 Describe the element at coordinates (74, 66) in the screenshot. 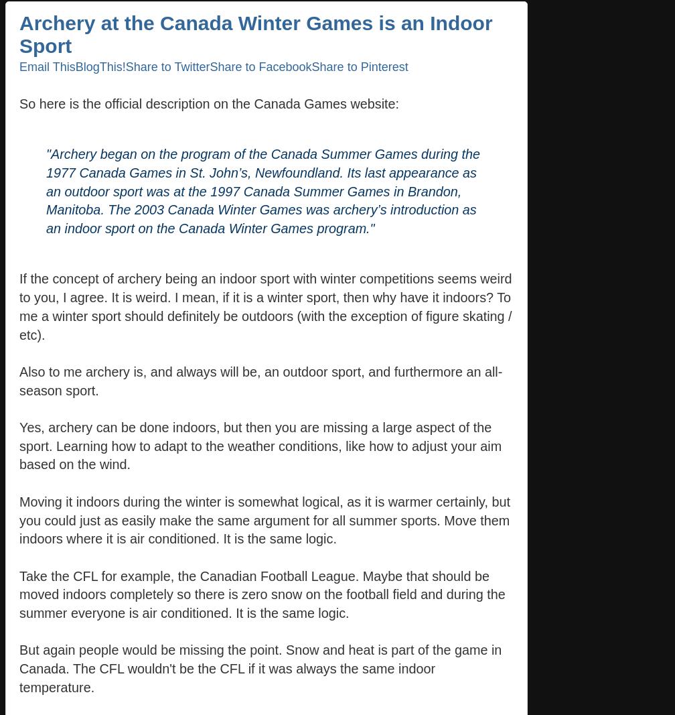

I see `'BlogThis!'` at that location.